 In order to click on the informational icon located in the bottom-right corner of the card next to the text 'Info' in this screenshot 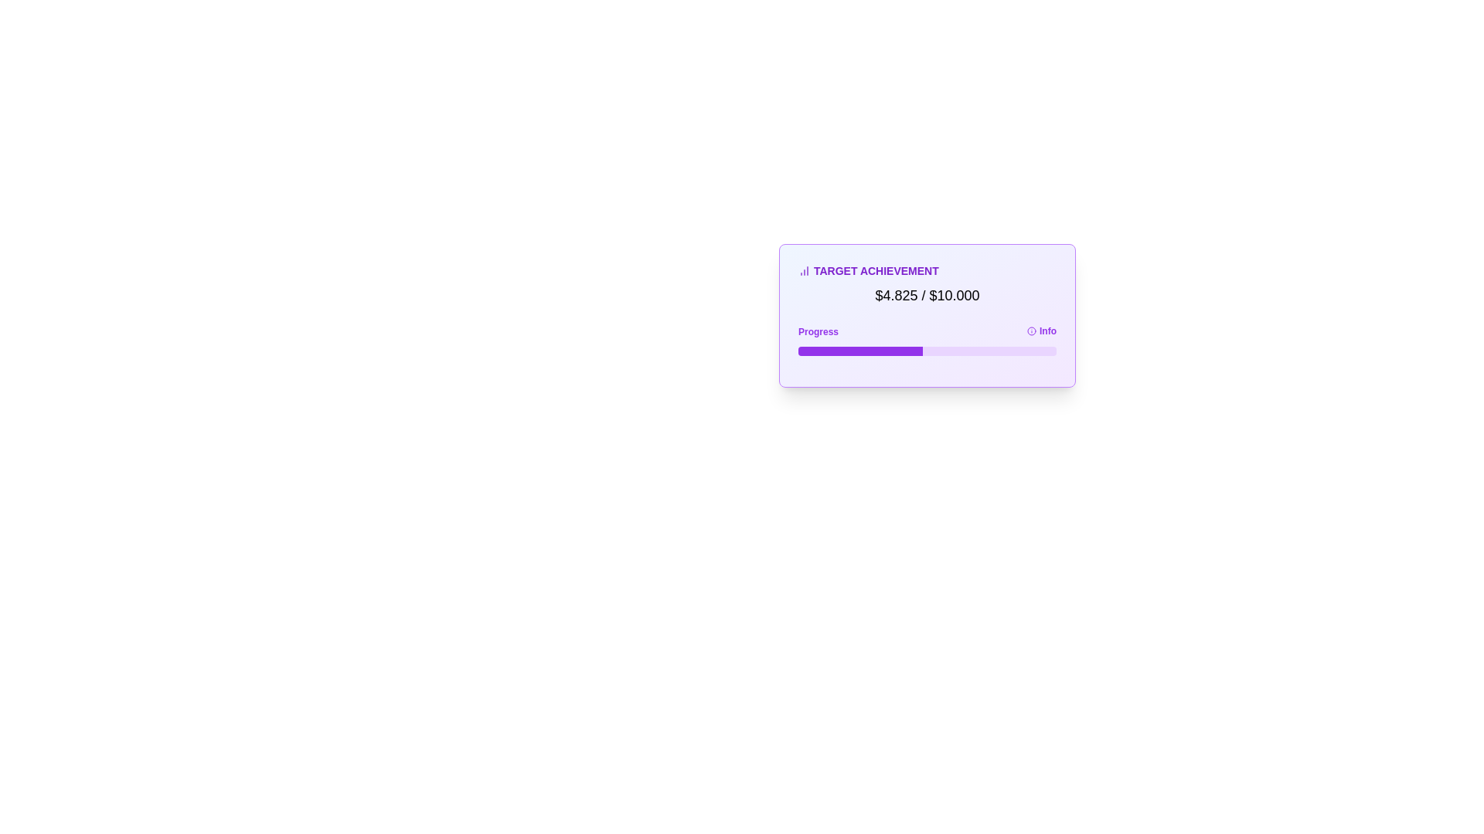, I will do `click(1031, 330)`.